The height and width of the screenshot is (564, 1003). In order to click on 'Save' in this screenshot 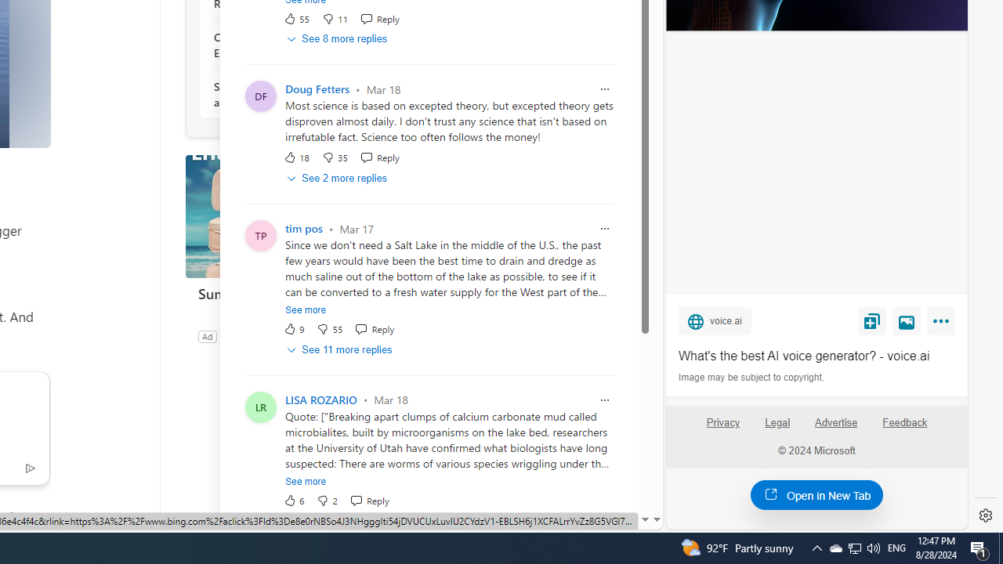, I will do `click(871, 320)`.